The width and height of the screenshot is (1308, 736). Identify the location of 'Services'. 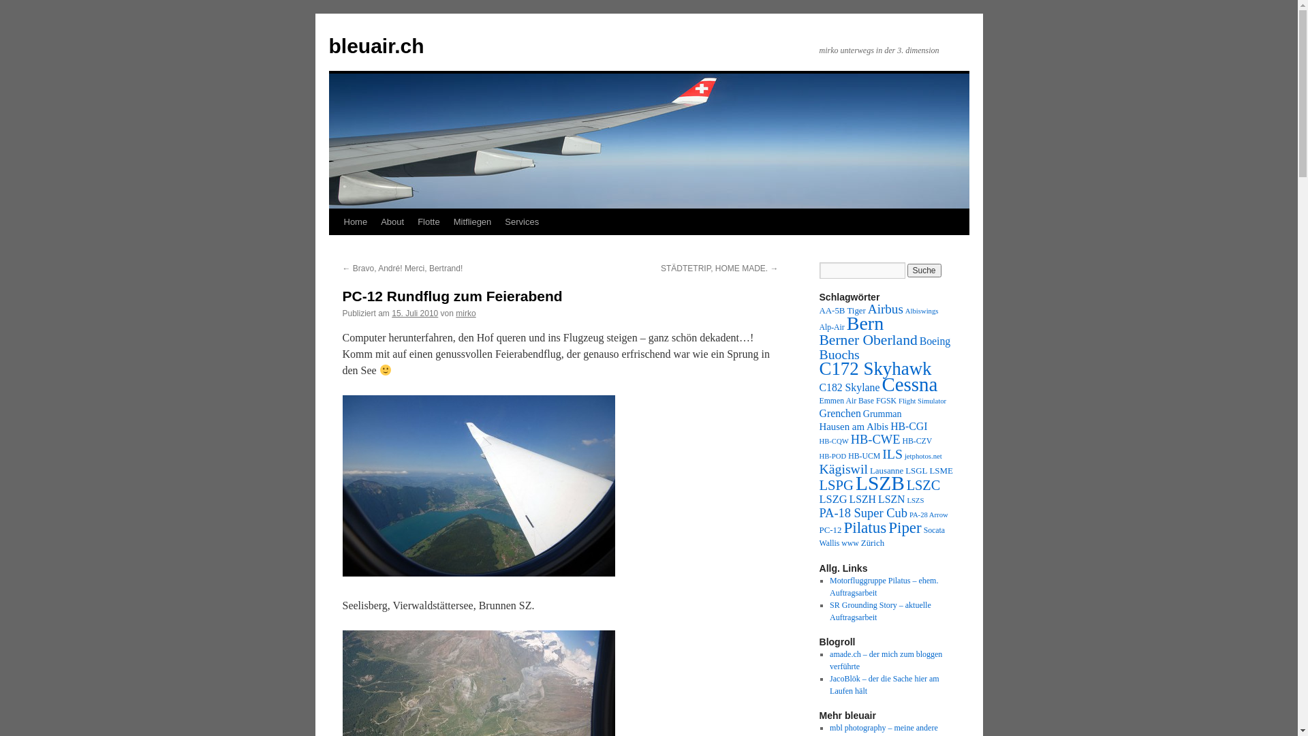
(521, 221).